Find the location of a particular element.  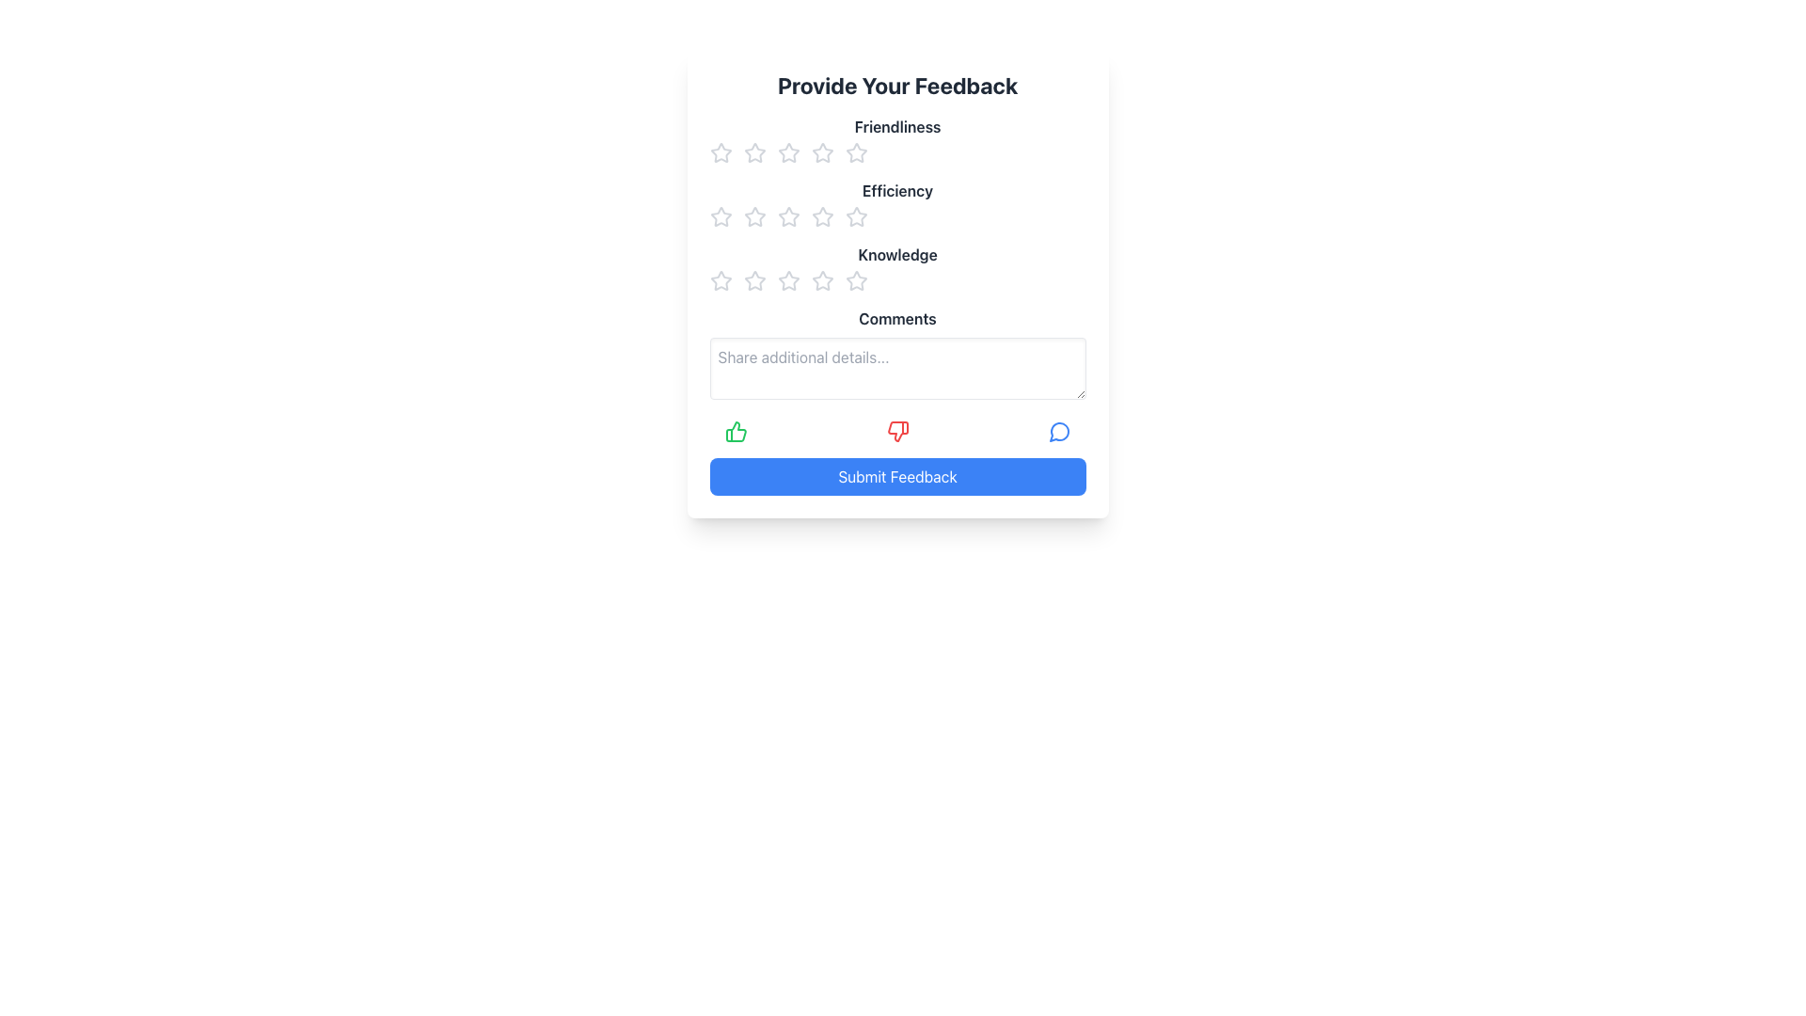

the label element that provides context for the multiline text input field in the feedback form layout, located in the lower portion of the form is located at coordinates (896, 318).